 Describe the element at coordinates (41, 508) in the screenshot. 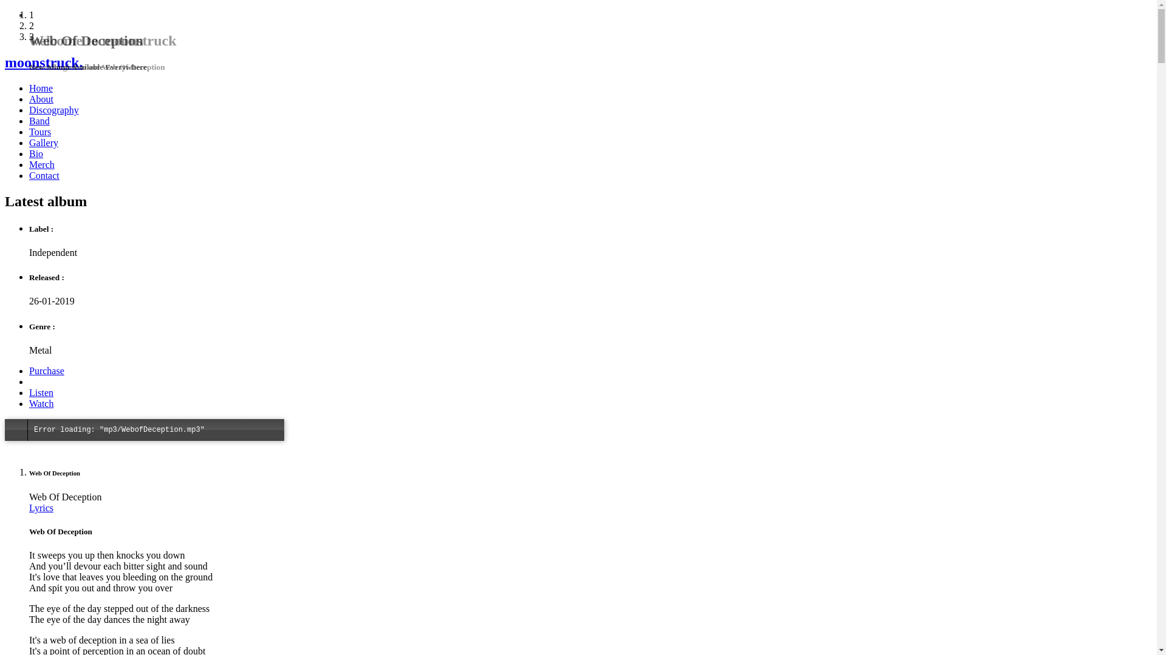

I see `'Lyrics'` at that location.